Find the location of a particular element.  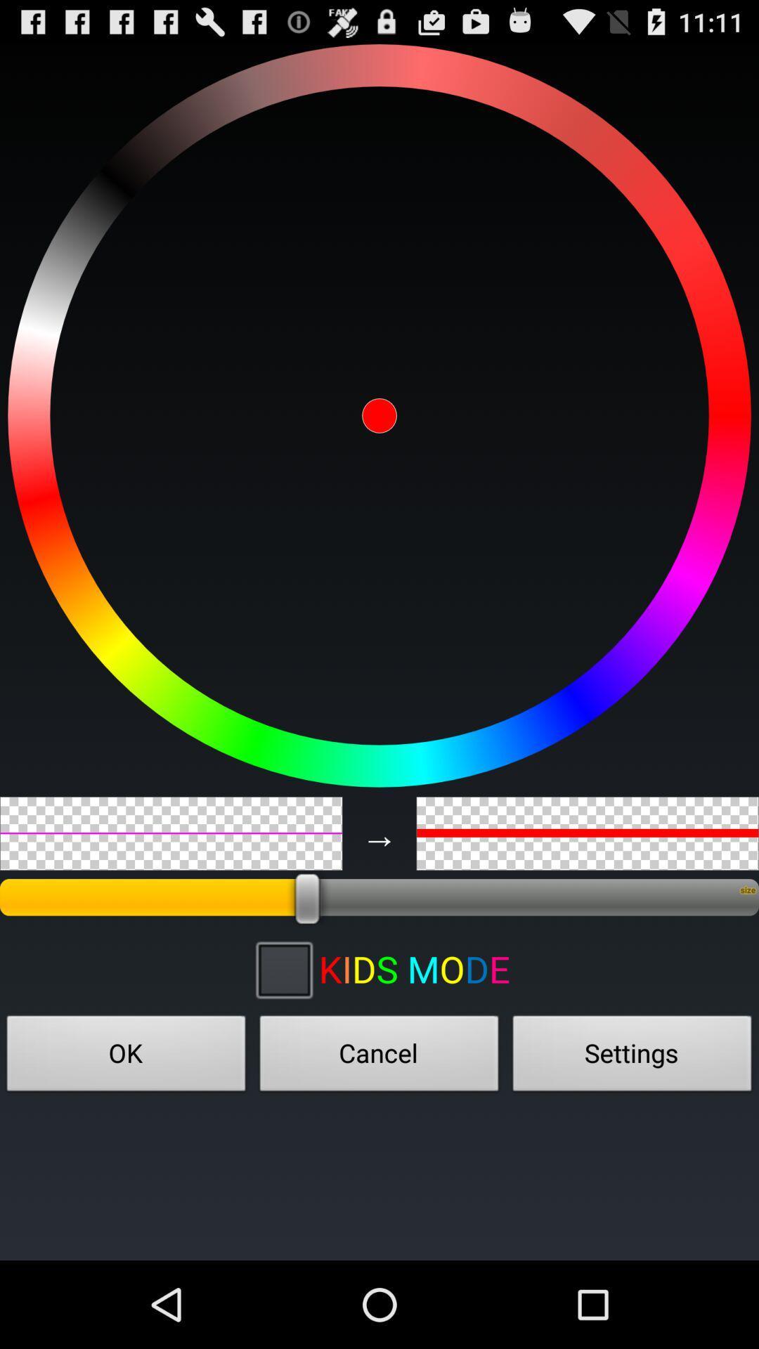

item next to the cancel item is located at coordinates (631, 1057).